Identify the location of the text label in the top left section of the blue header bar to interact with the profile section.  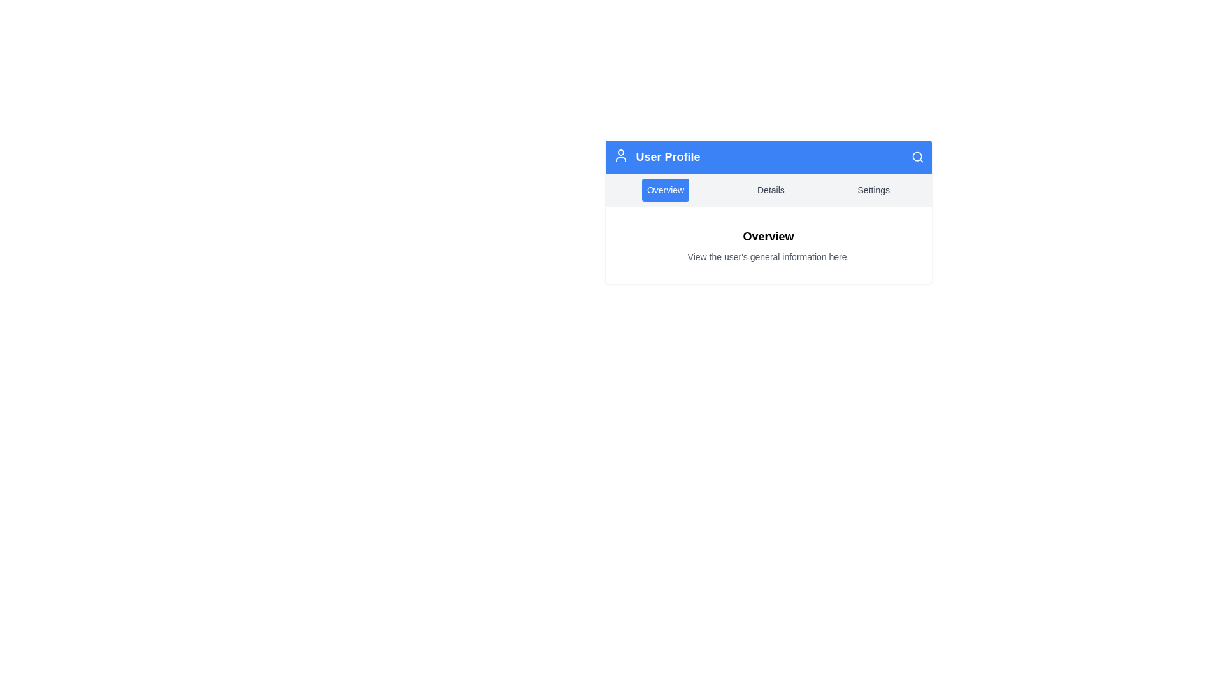
(657, 156).